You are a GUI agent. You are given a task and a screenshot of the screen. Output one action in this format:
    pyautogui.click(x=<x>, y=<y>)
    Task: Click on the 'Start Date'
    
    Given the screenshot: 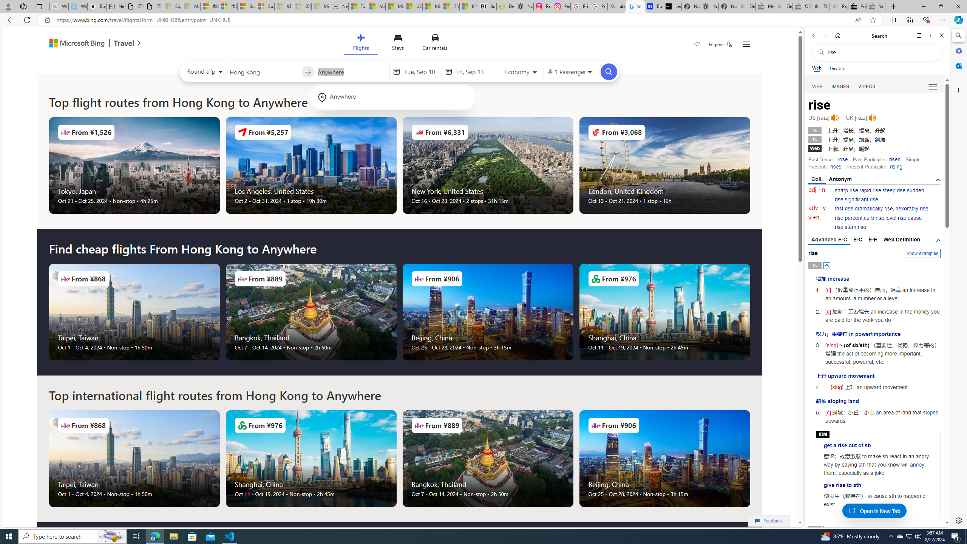 What is the action you would take?
    pyautogui.click(x=422, y=71)
    